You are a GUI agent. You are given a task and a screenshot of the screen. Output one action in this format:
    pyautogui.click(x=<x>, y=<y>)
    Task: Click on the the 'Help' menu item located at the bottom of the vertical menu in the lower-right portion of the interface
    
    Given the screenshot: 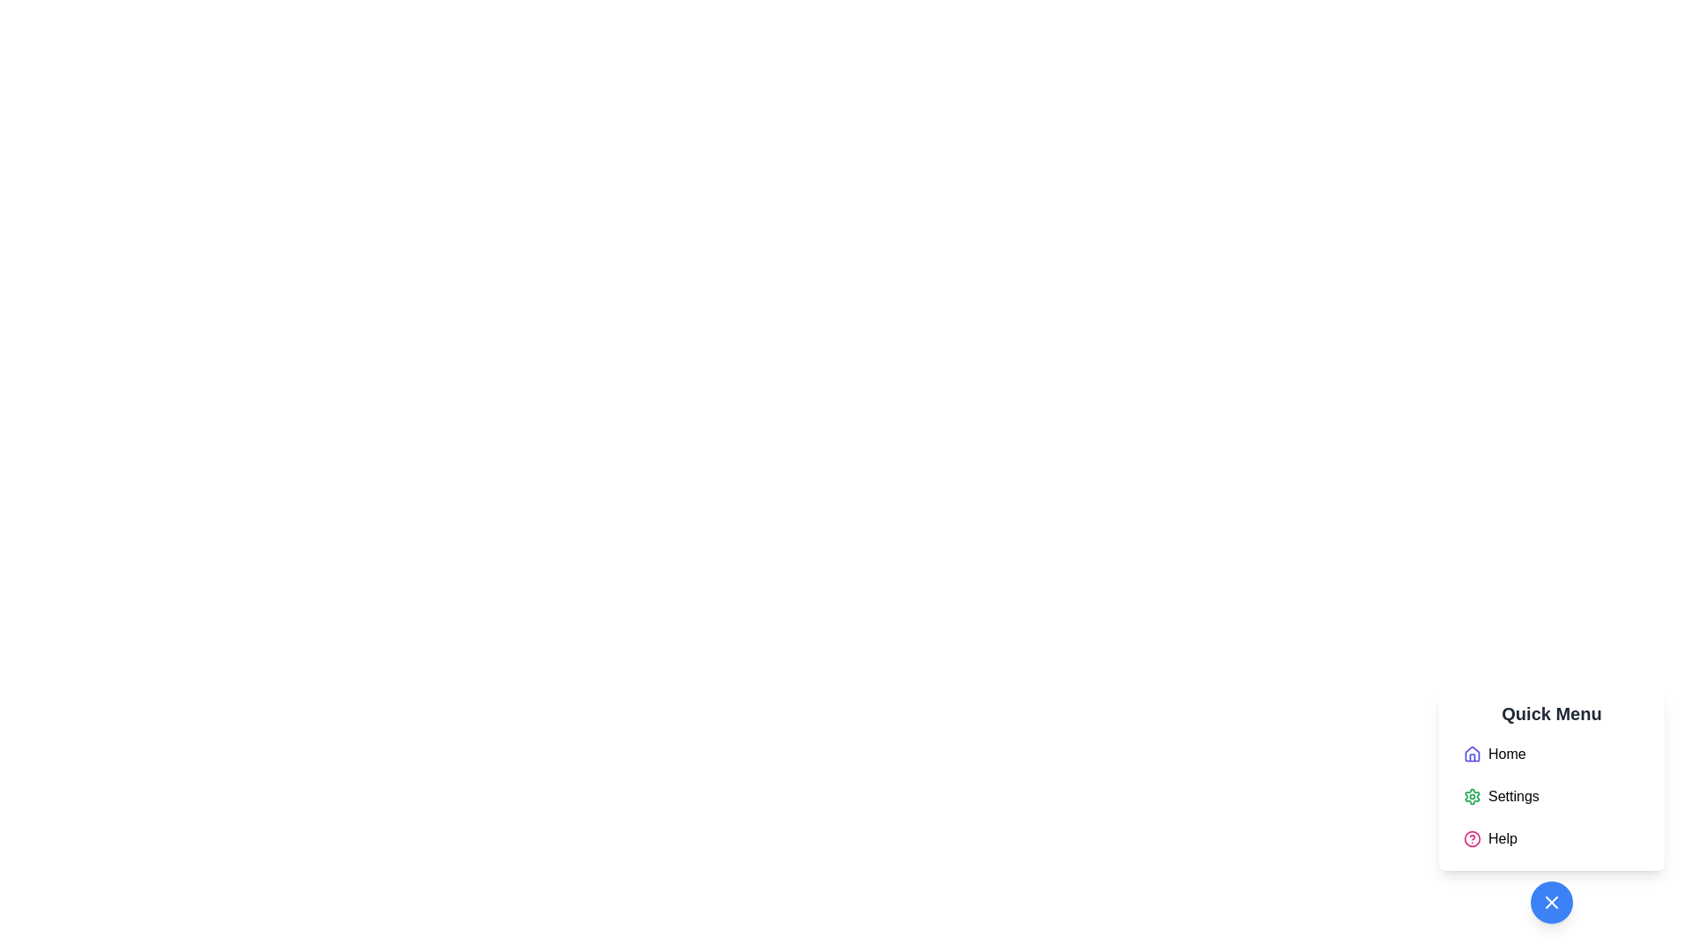 What is the action you would take?
    pyautogui.click(x=1552, y=838)
    